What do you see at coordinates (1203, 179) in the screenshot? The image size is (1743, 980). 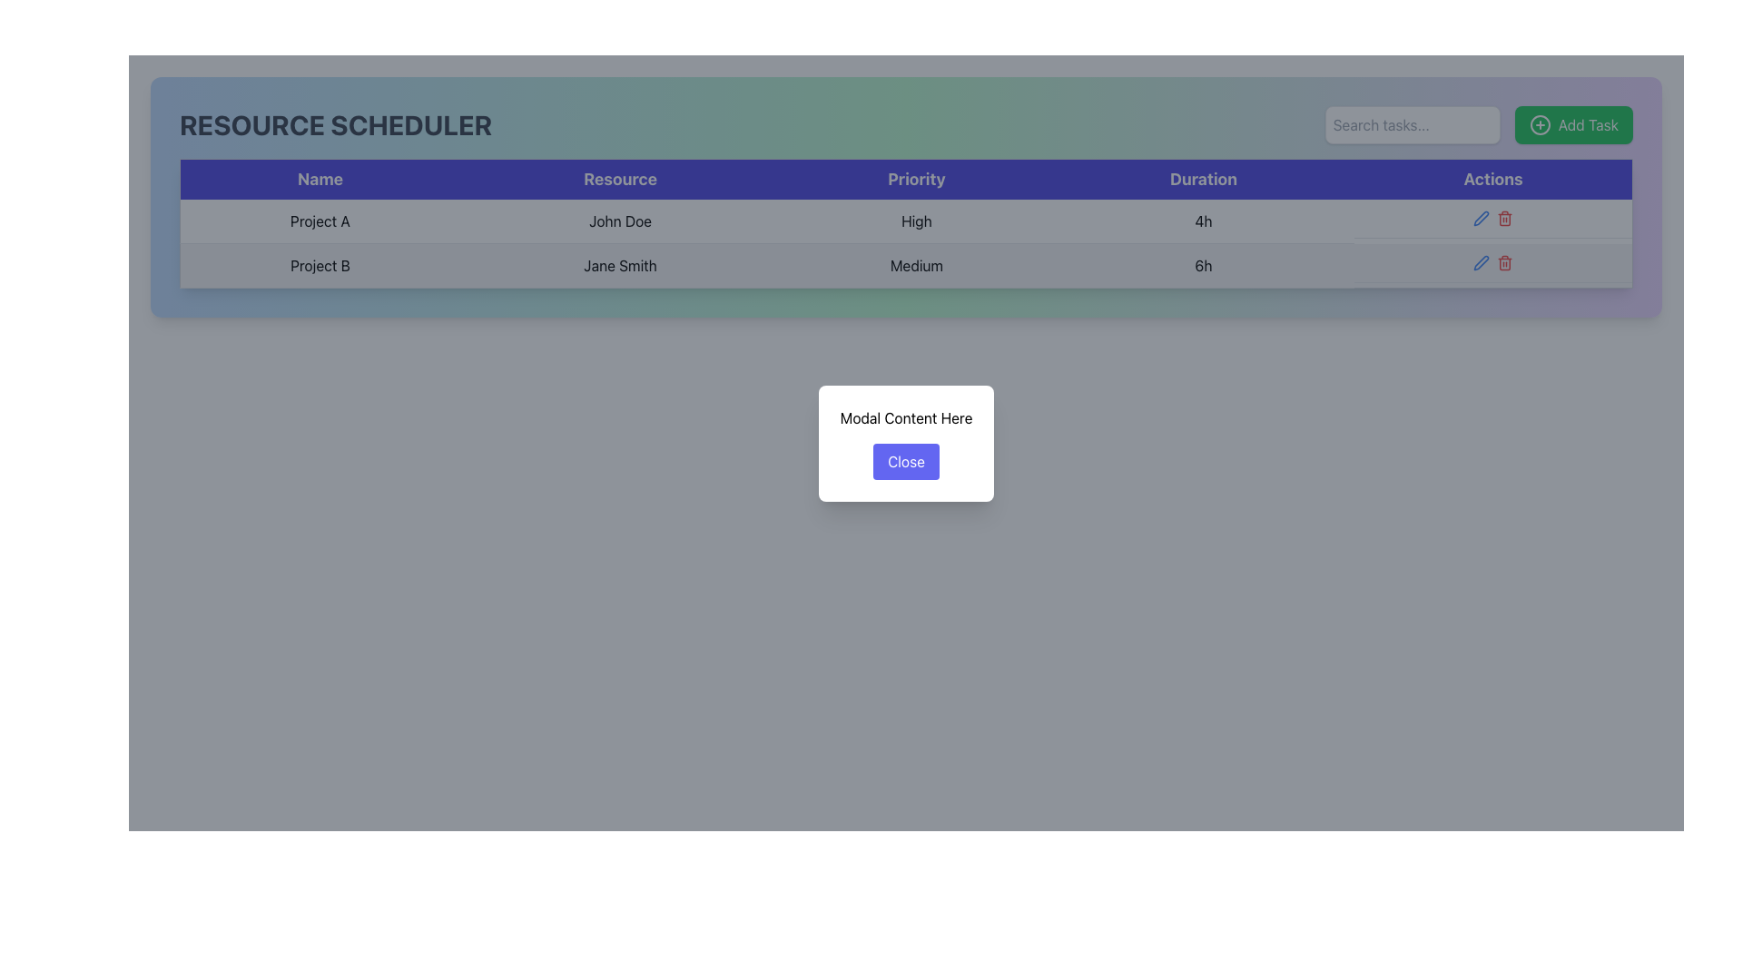 I see `the fourth column header text label in a table-like structure, which is styled in bold, medium font on a dark blue background` at bounding box center [1203, 179].